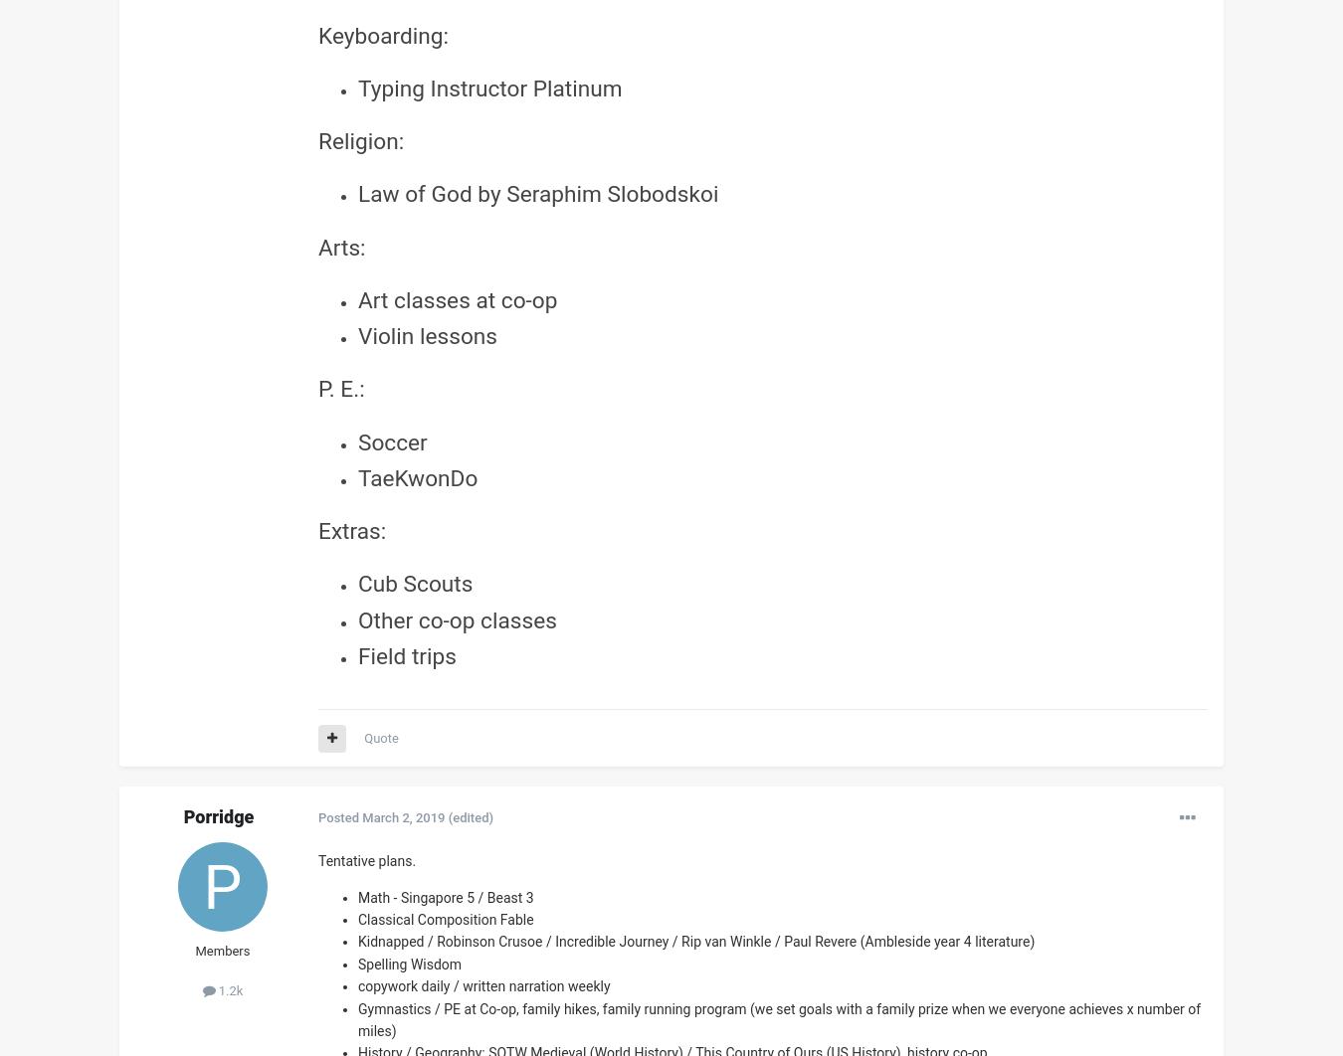 Image resolution: width=1343 pixels, height=1056 pixels. What do you see at coordinates (415, 584) in the screenshot?
I see `'Cub Scouts'` at bounding box center [415, 584].